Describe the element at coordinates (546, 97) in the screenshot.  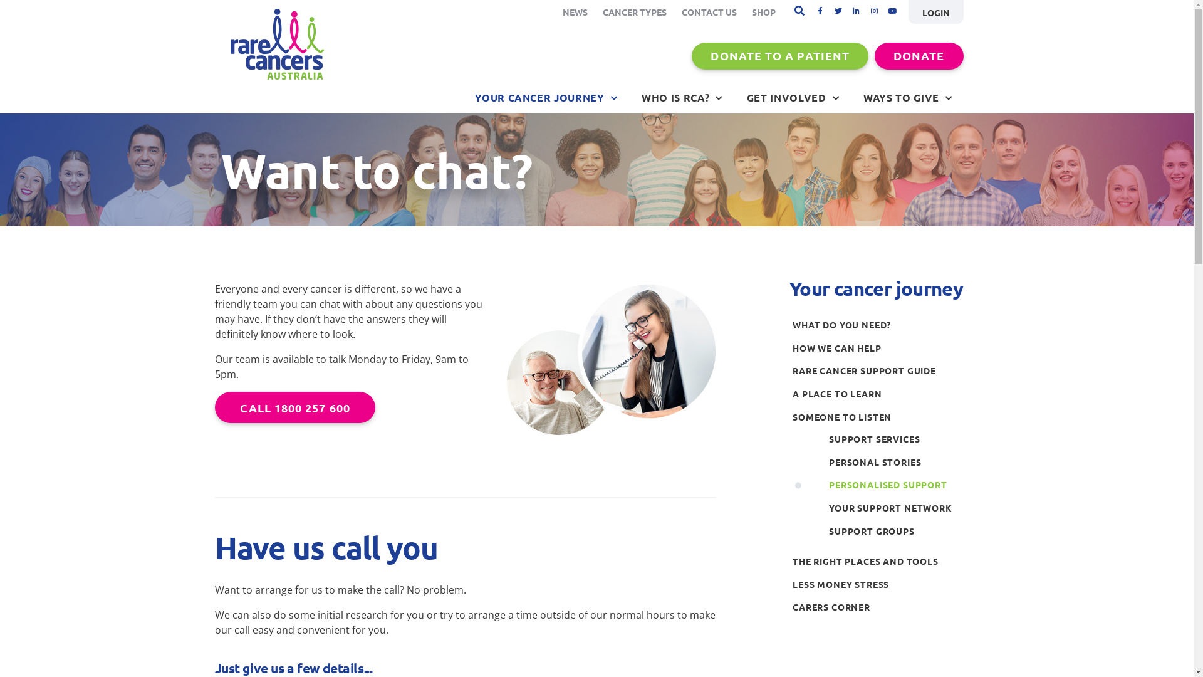
I see `'YOUR CANCER JOURNEY'` at that location.